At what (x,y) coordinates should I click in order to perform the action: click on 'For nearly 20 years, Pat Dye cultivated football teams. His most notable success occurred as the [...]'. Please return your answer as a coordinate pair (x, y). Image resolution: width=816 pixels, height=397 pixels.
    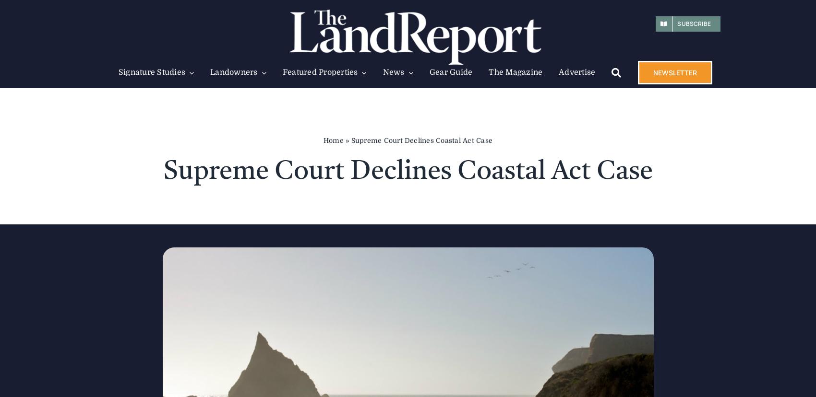
    Looking at the image, I should click on (495, 257).